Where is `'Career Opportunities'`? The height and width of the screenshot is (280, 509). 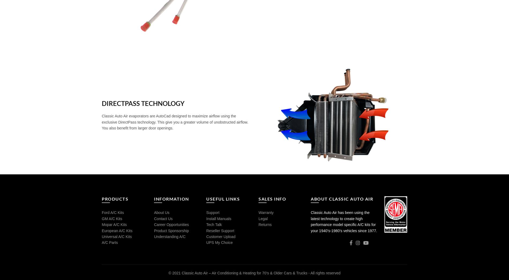
'Career Opportunities' is located at coordinates (171, 225).